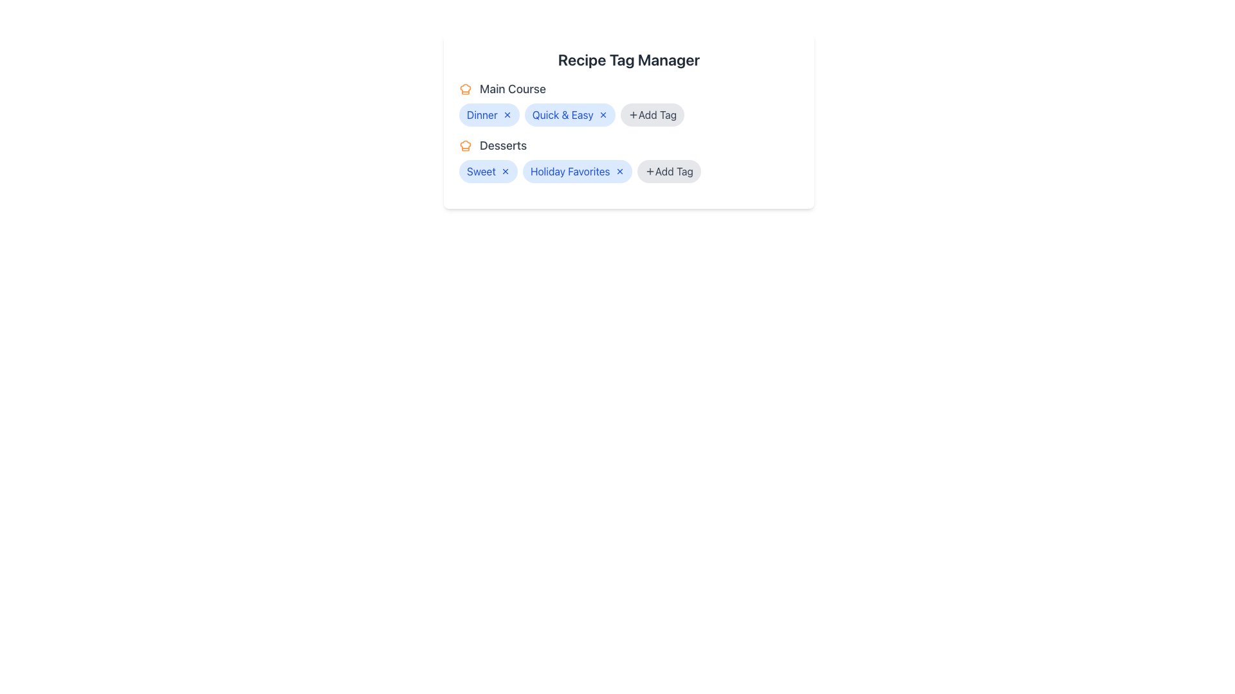 This screenshot has width=1235, height=694. What do you see at coordinates (619, 170) in the screenshot?
I see `the interactive button with an icon that serves as a closure or deletion control for the 'Holiday Favorites' tag, located immediately after the text within the 'Desserts' section` at bounding box center [619, 170].